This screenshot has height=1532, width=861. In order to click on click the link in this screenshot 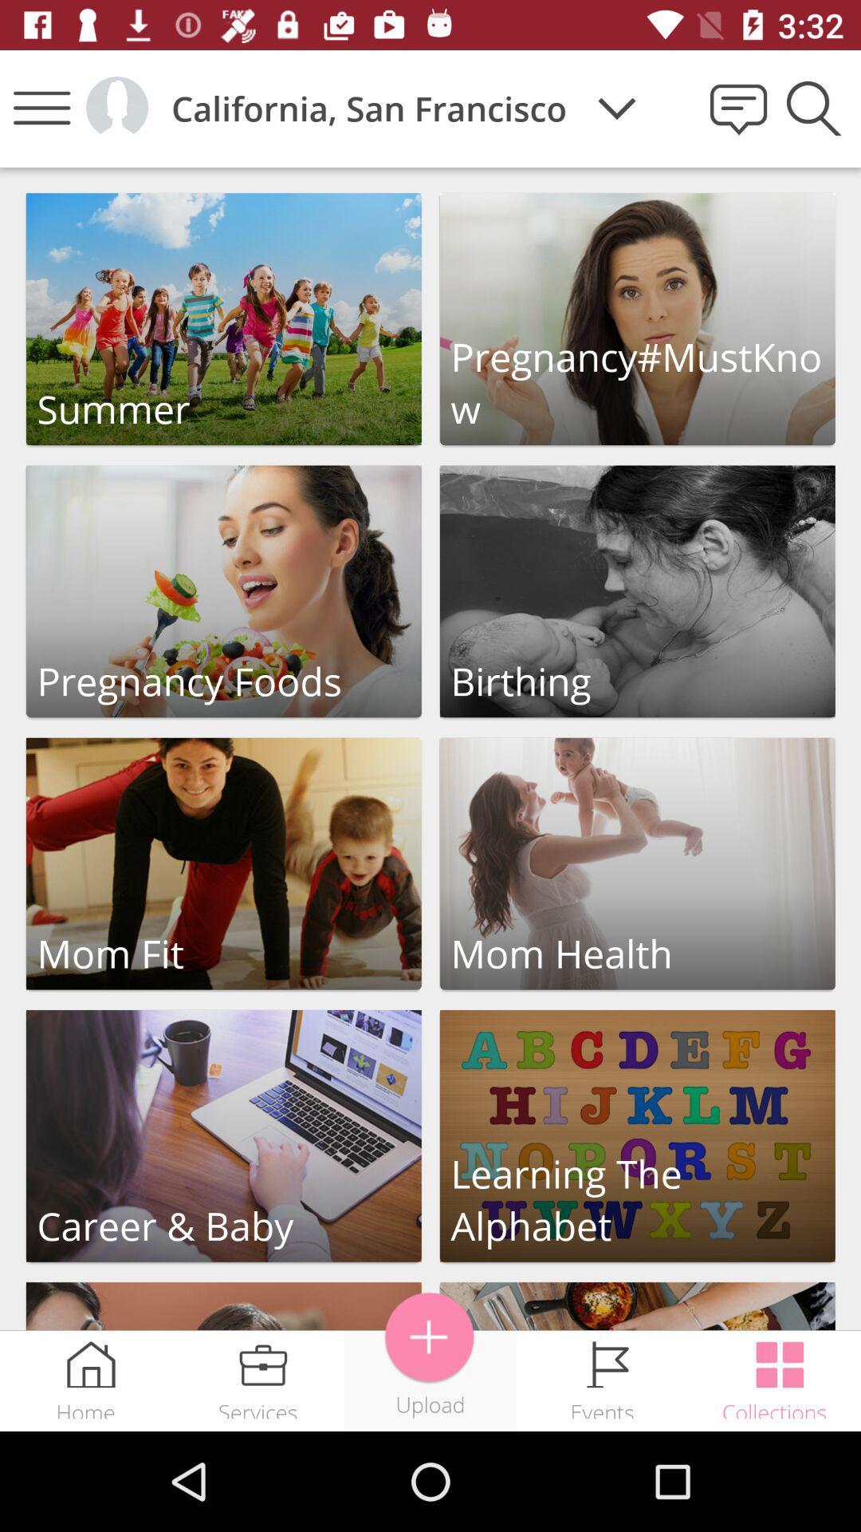, I will do `click(223, 863)`.